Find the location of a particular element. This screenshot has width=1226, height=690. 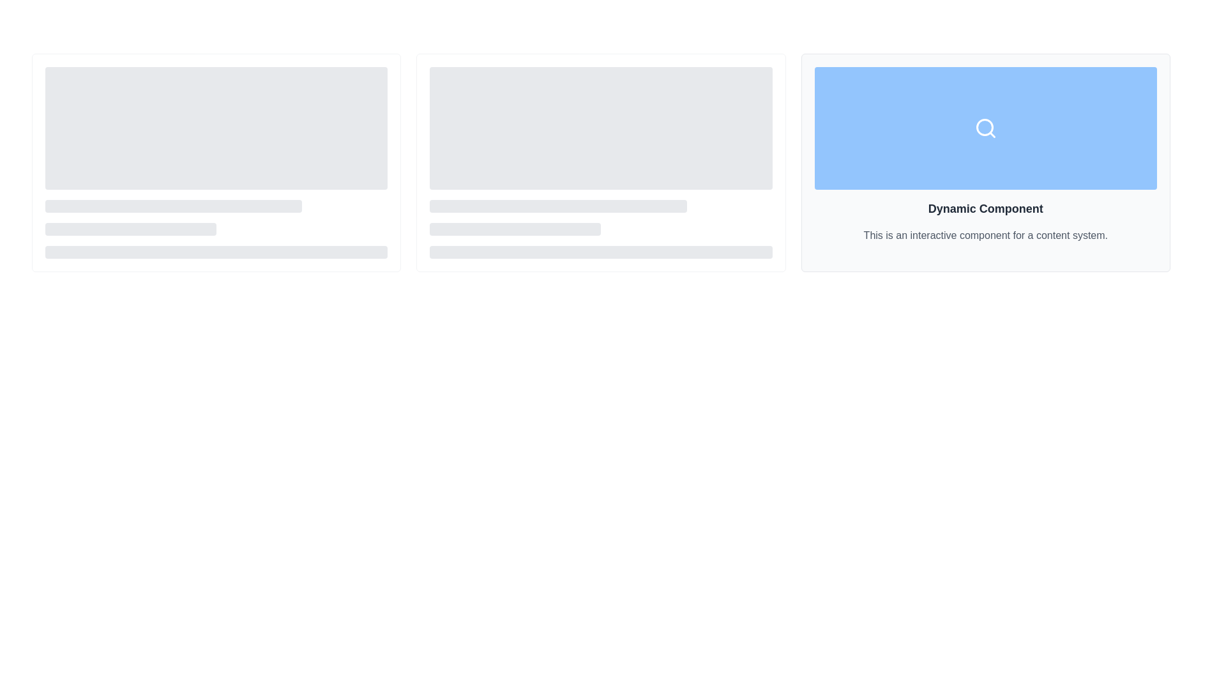

the first static decorative bar, which serves as a content placeholder, located at the top of a group of three vertically stacked similar elements is located at coordinates (173, 206).